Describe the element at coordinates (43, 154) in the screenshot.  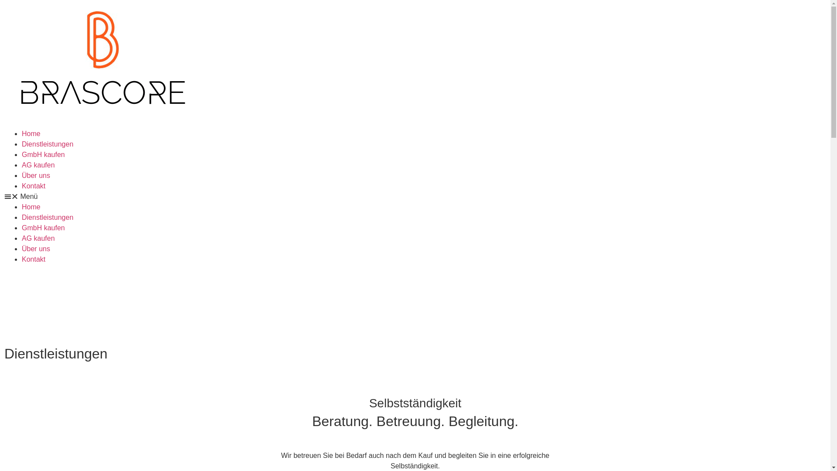
I see `'GmbH kaufen'` at that location.